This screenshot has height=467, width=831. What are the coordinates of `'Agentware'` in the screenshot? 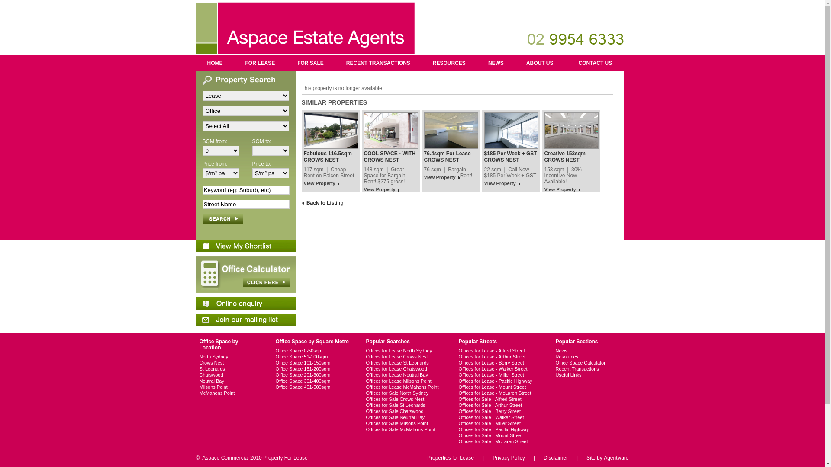 It's located at (615, 457).